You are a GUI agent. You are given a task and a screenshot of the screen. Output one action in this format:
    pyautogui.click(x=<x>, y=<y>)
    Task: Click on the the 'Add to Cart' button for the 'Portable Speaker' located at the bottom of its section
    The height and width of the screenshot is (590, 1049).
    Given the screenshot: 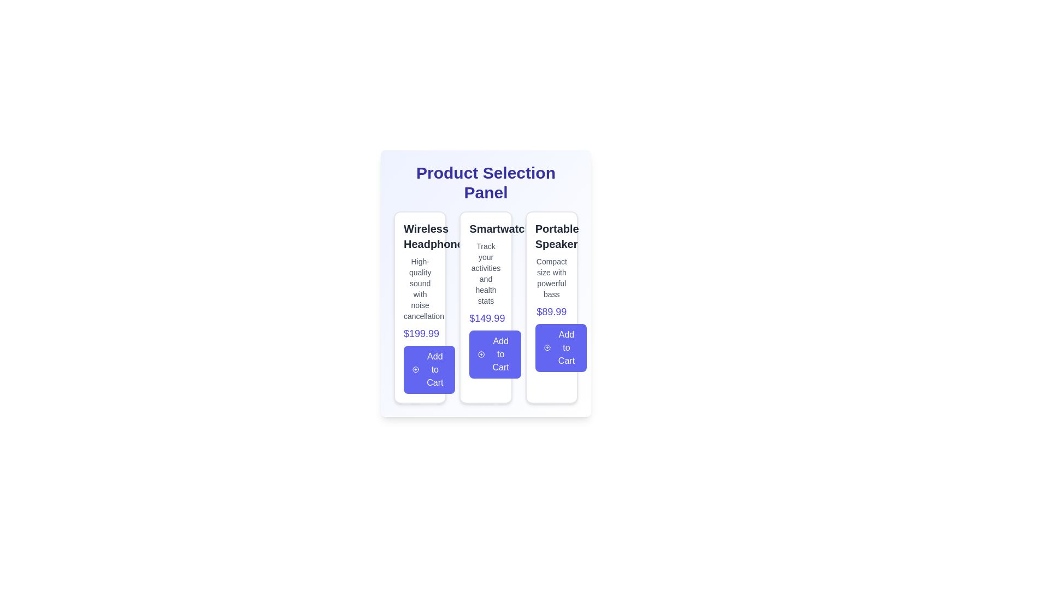 What is the action you would take?
    pyautogui.click(x=561, y=347)
    